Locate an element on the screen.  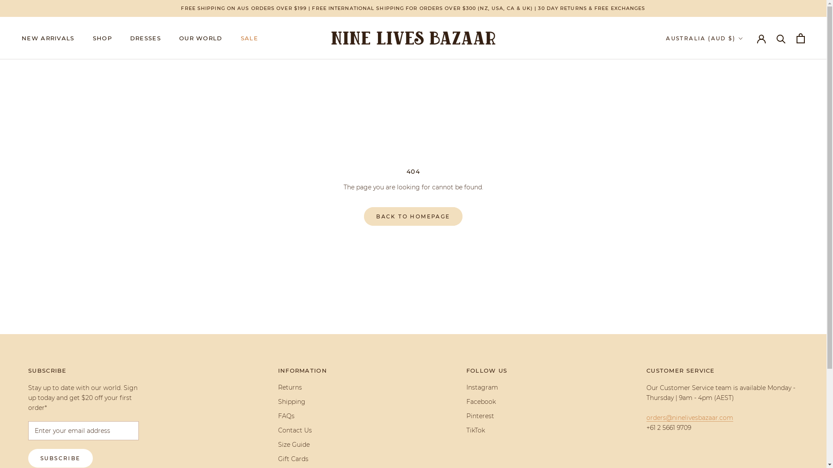
'DRESSES is located at coordinates (145, 38).